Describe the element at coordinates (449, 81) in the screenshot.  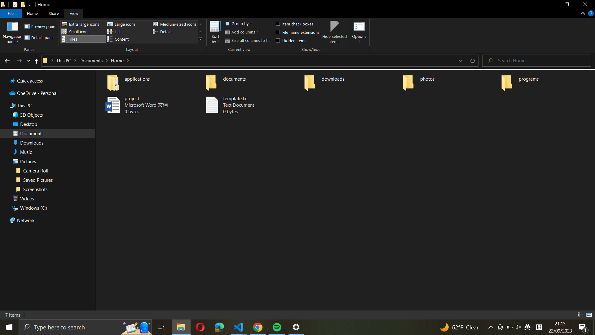
I see `the "photos" file and construct a new folder labelled "vacation"` at that location.